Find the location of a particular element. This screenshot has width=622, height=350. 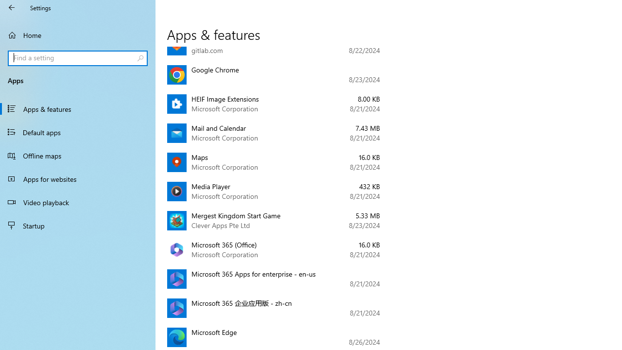

'Offline maps' is located at coordinates (78, 155).